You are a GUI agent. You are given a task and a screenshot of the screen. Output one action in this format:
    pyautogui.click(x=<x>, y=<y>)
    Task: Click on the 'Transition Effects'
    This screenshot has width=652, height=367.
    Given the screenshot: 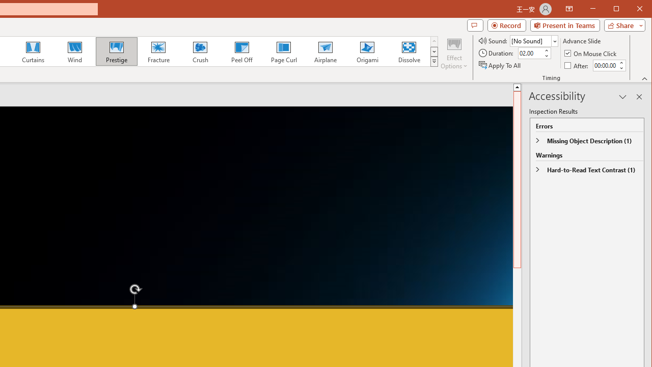 What is the action you would take?
    pyautogui.click(x=434, y=61)
    